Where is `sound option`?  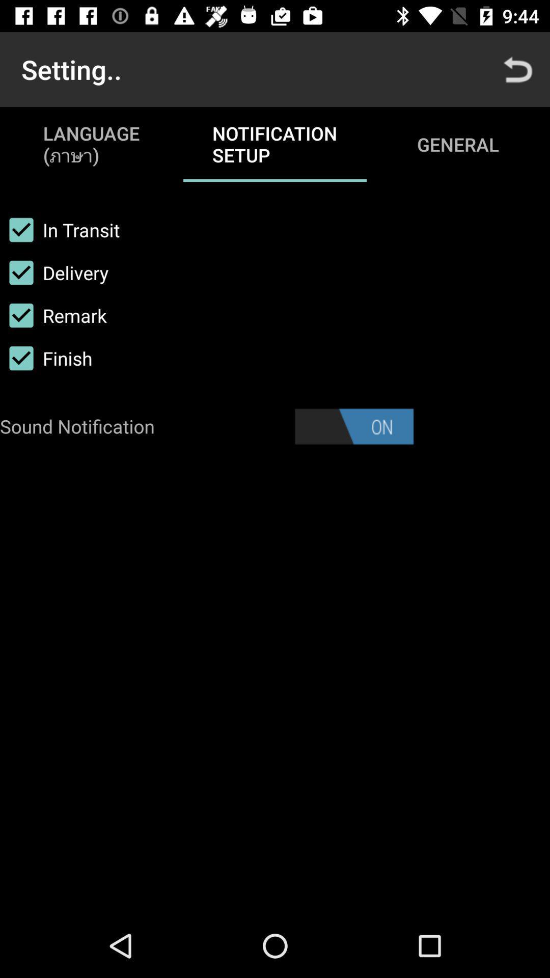
sound option is located at coordinates (353, 426).